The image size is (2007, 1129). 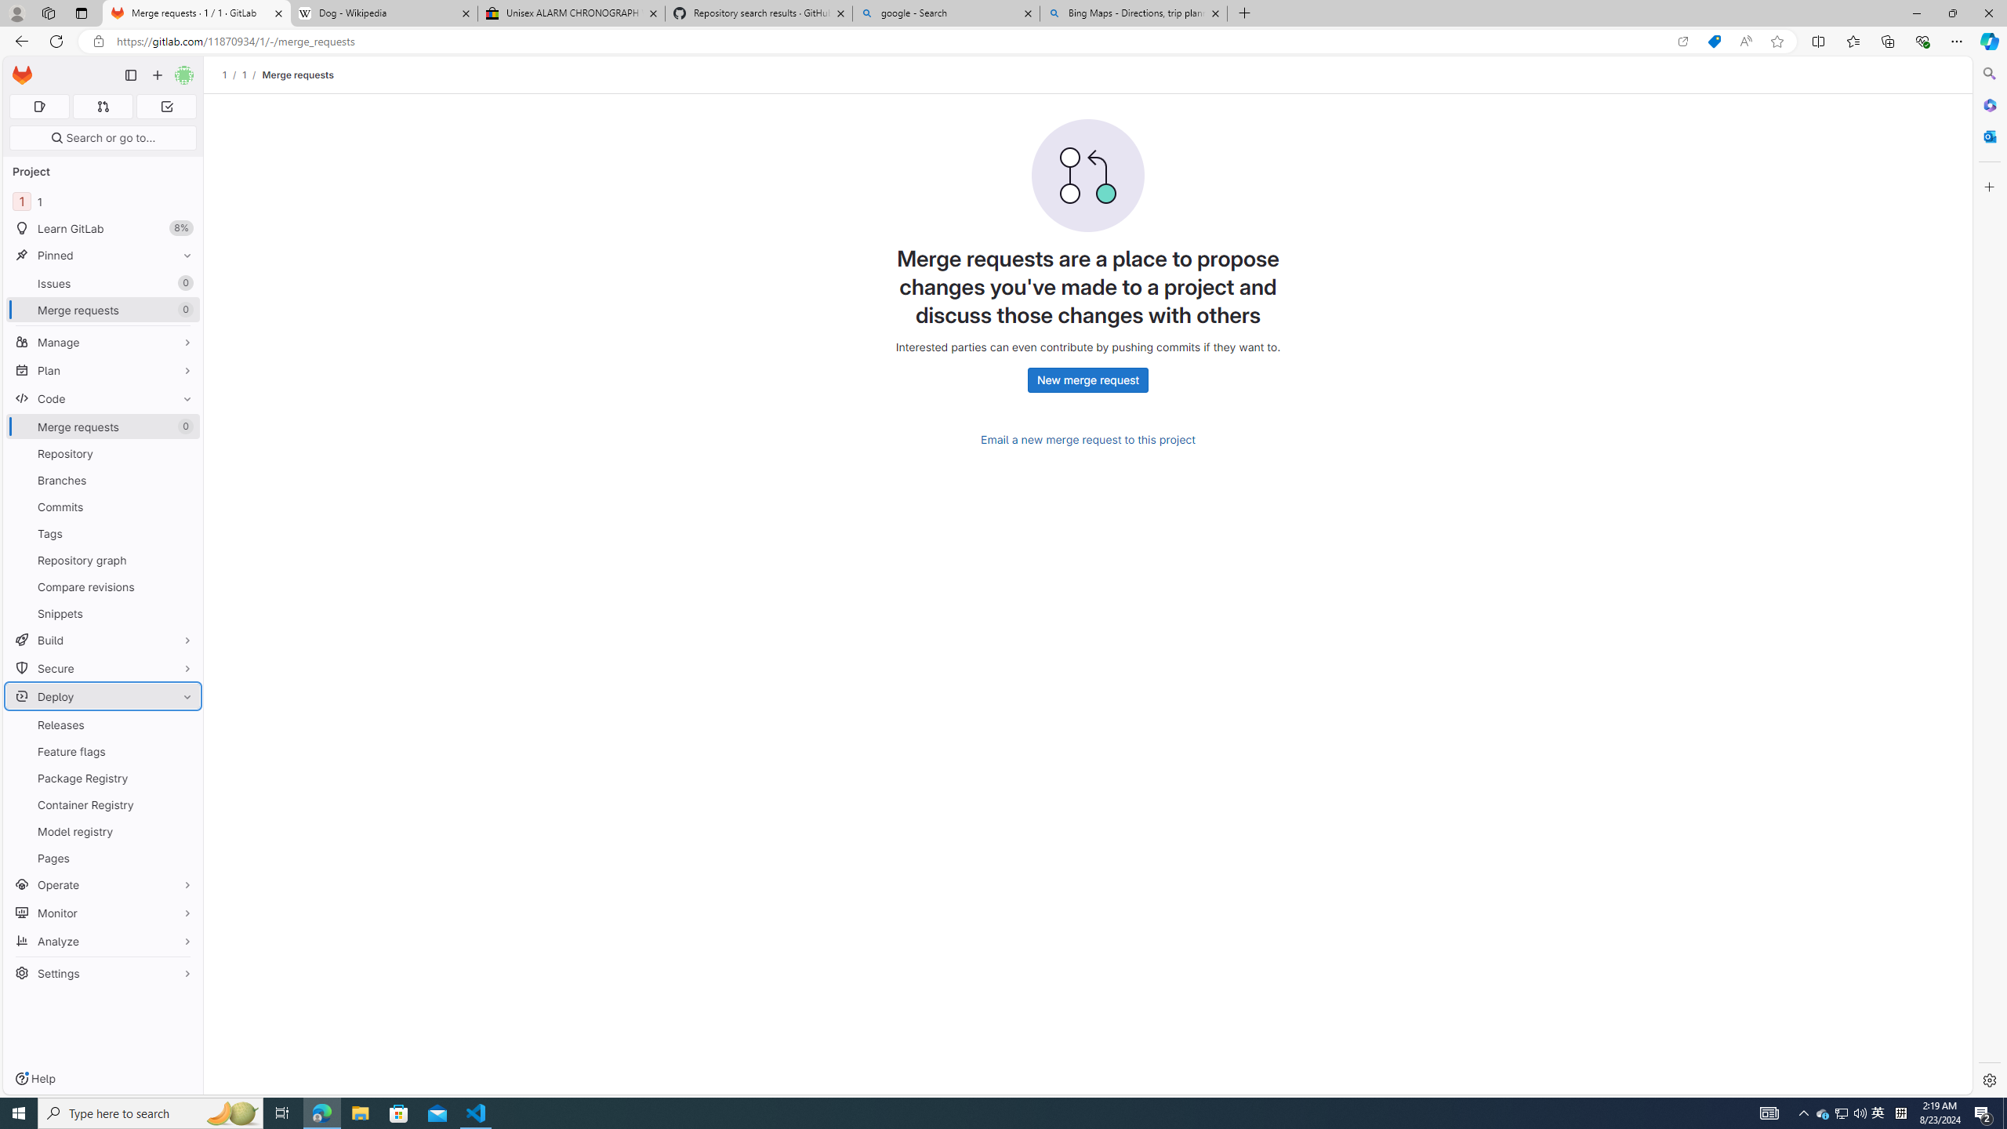 I want to click on 'Branches', so click(x=102, y=480).